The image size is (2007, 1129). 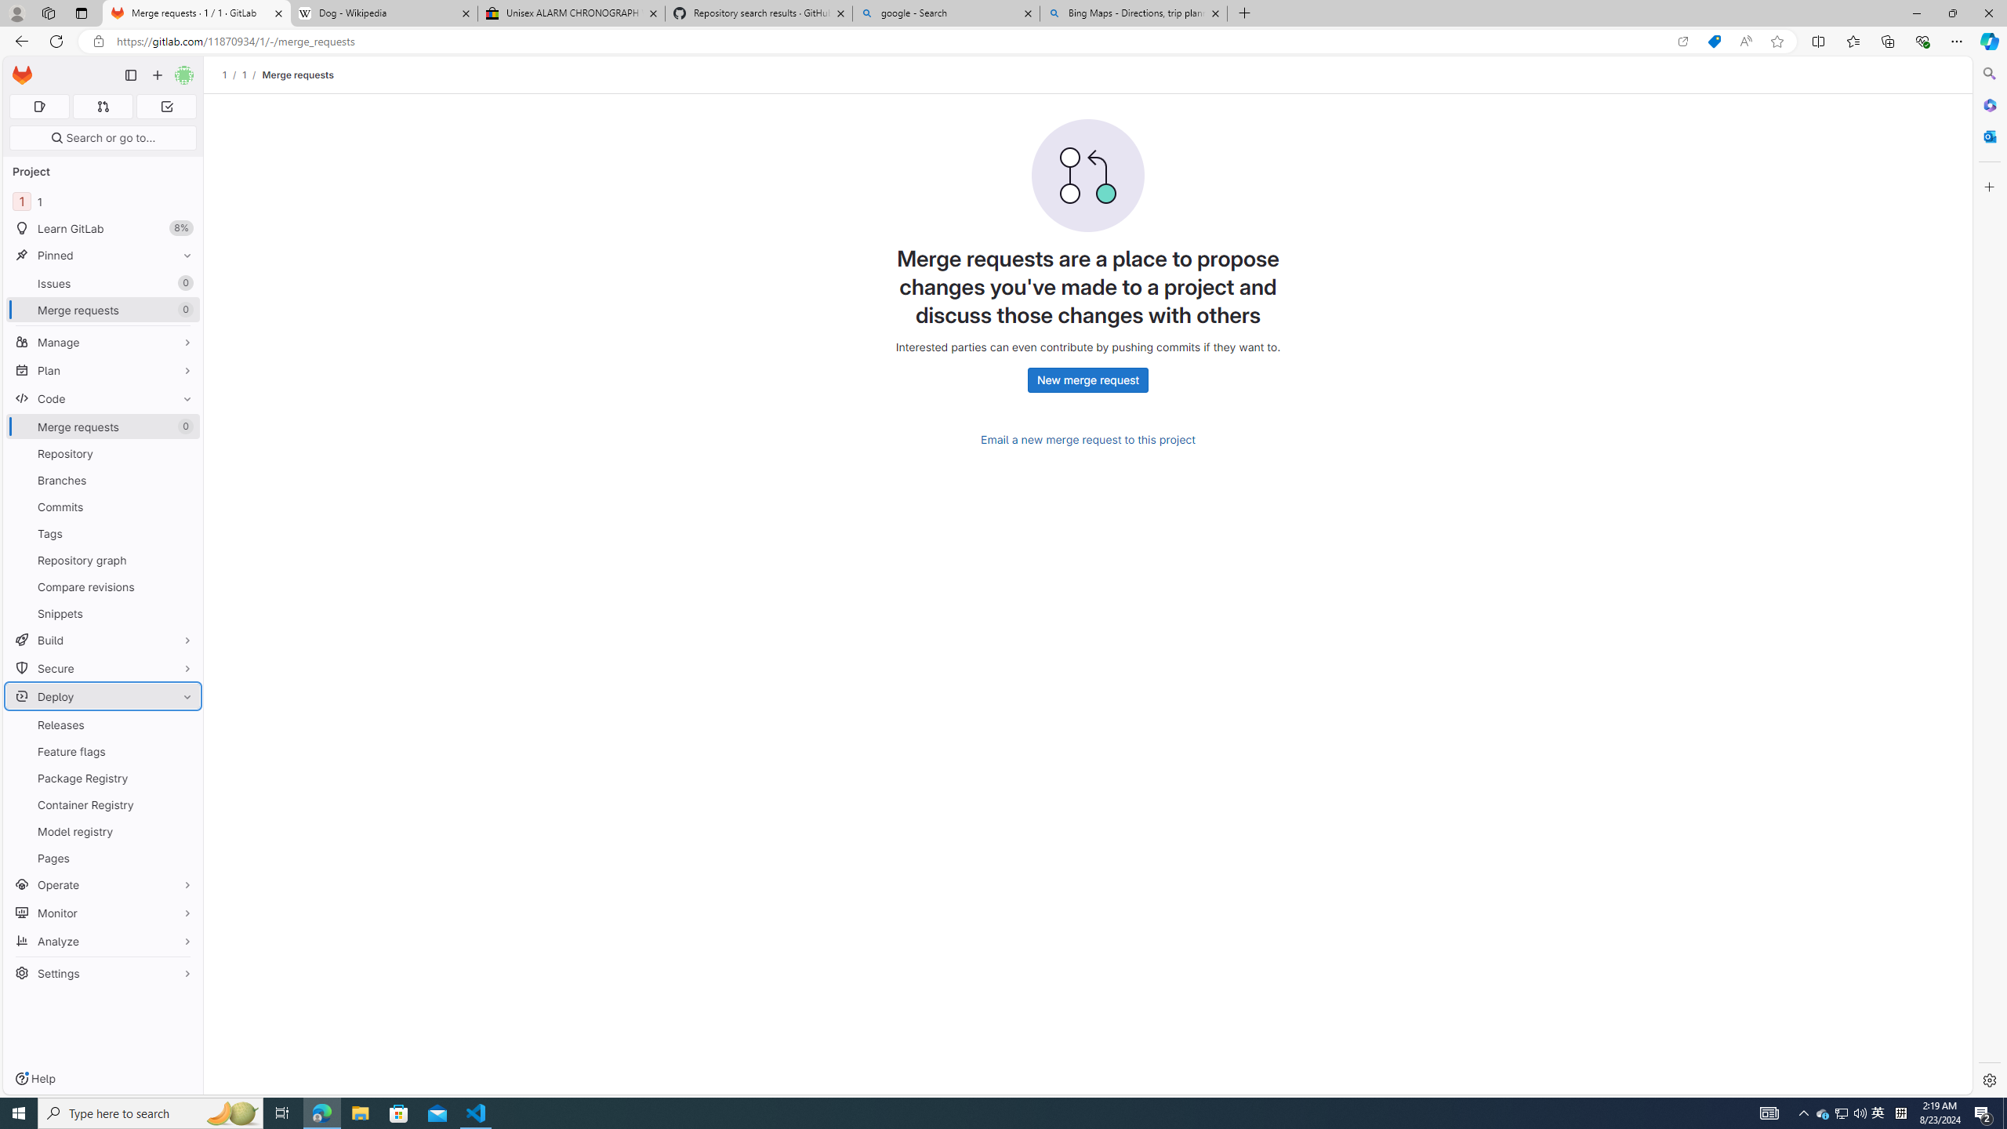 I want to click on 'Branches', so click(x=102, y=480).